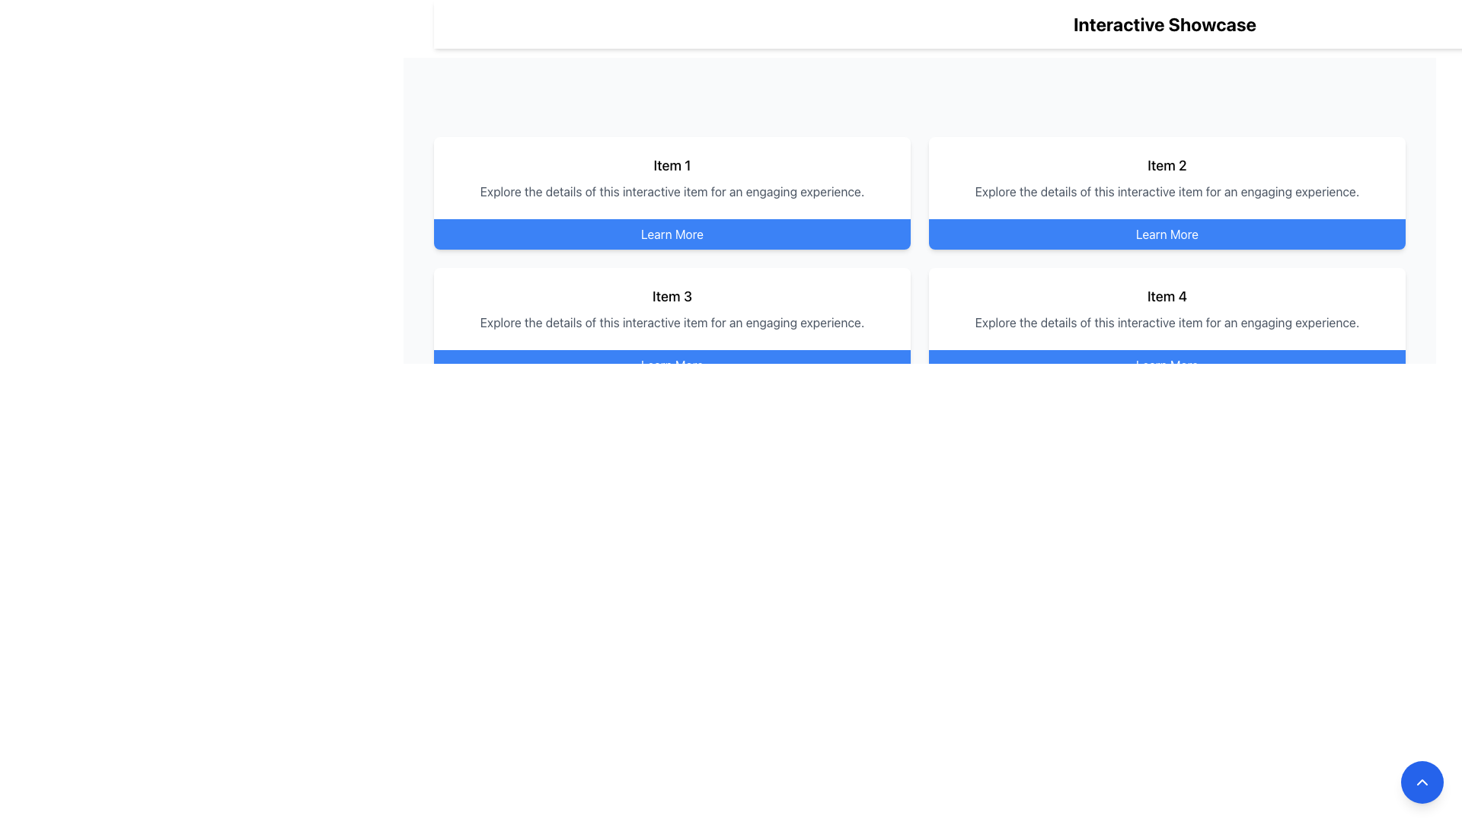 Image resolution: width=1462 pixels, height=822 pixels. I want to click on information displayed on the text label or header located at the center of the top-left card in the two-row grid layout, so click(672, 166).